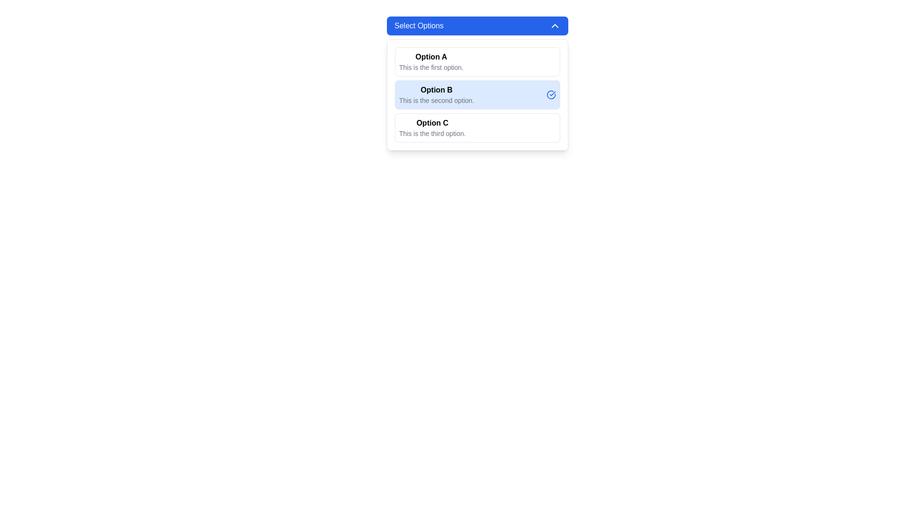 The width and height of the screenshot is (907, 510). Describe the element at coordinates (432, 127) in the screenshot. I see `the informational text block element titled 'Option C', which is styled in bold and positioned above the description 'This is the third option.'` at that location.